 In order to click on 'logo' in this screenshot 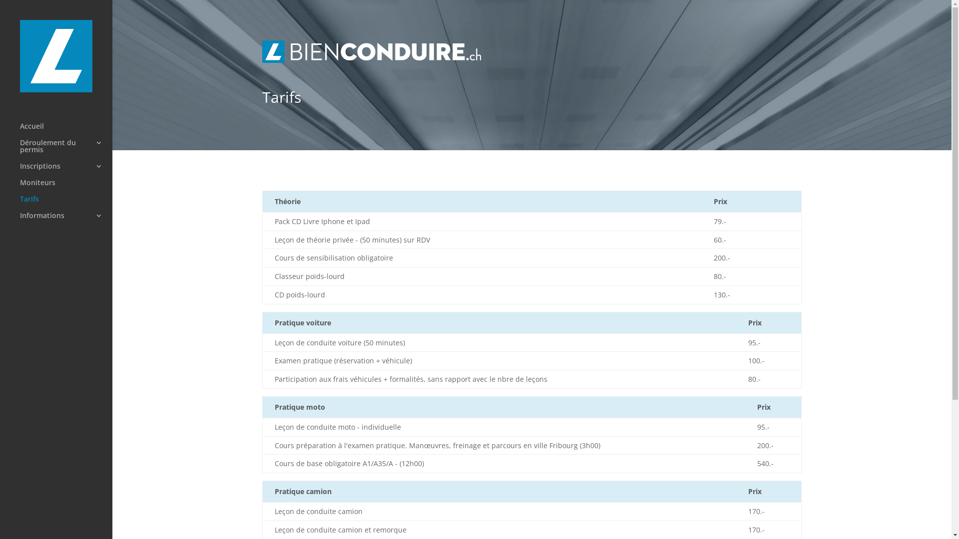, I will do `click(371, 51)`.